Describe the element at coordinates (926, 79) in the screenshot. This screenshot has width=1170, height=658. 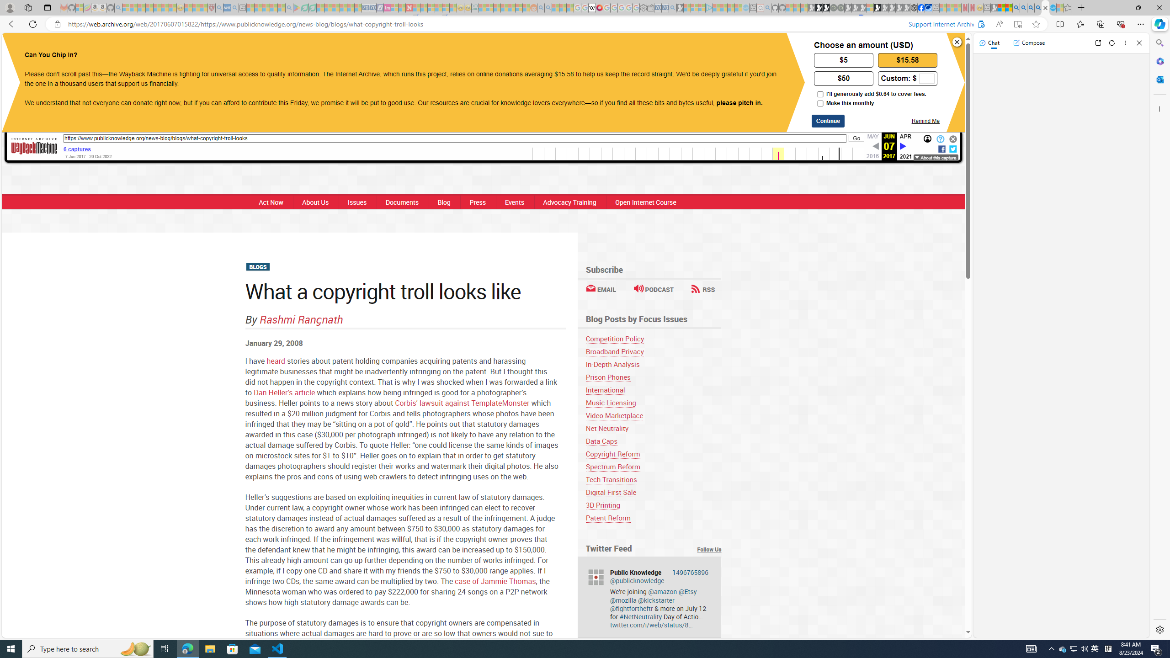
I see `'AutomationID: custom-amount-input'` at that location.